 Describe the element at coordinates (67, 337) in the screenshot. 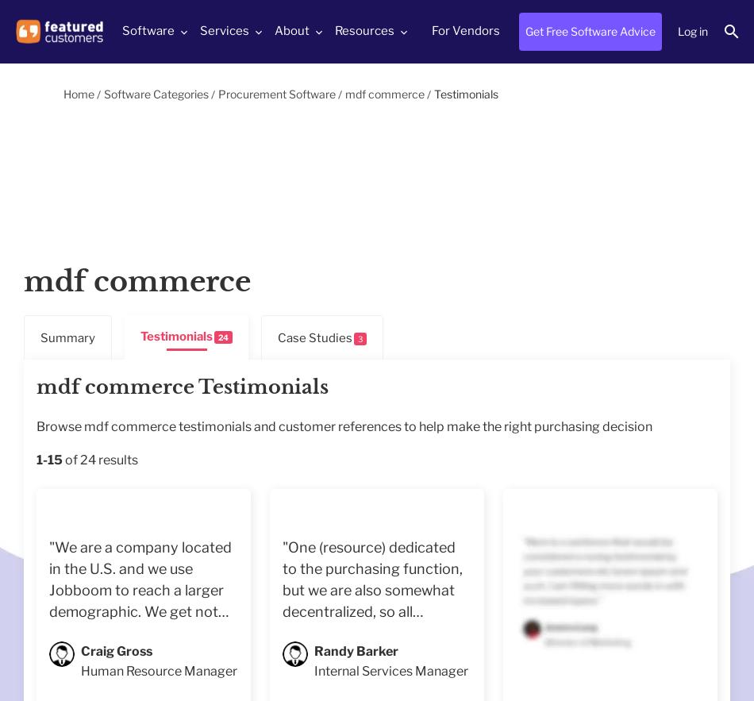

I see `'Summary'` at that location.